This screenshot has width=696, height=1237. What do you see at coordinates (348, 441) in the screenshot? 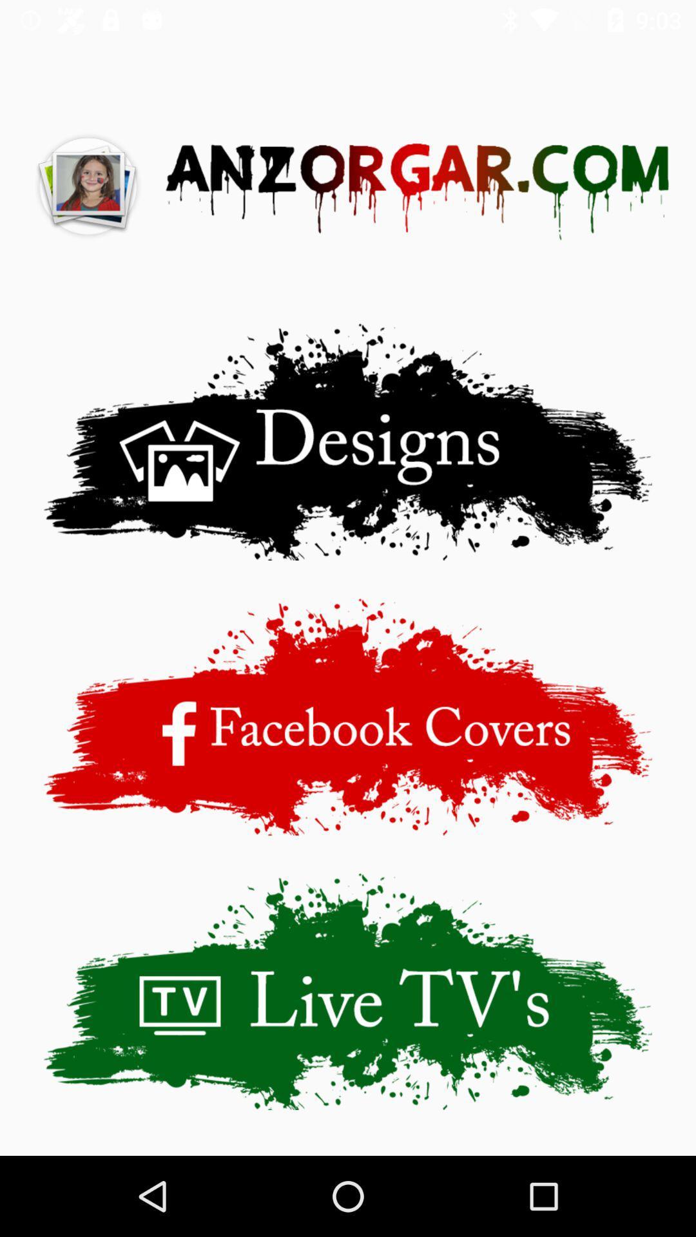
I see `the app designs` at bounding box center [348, 441].